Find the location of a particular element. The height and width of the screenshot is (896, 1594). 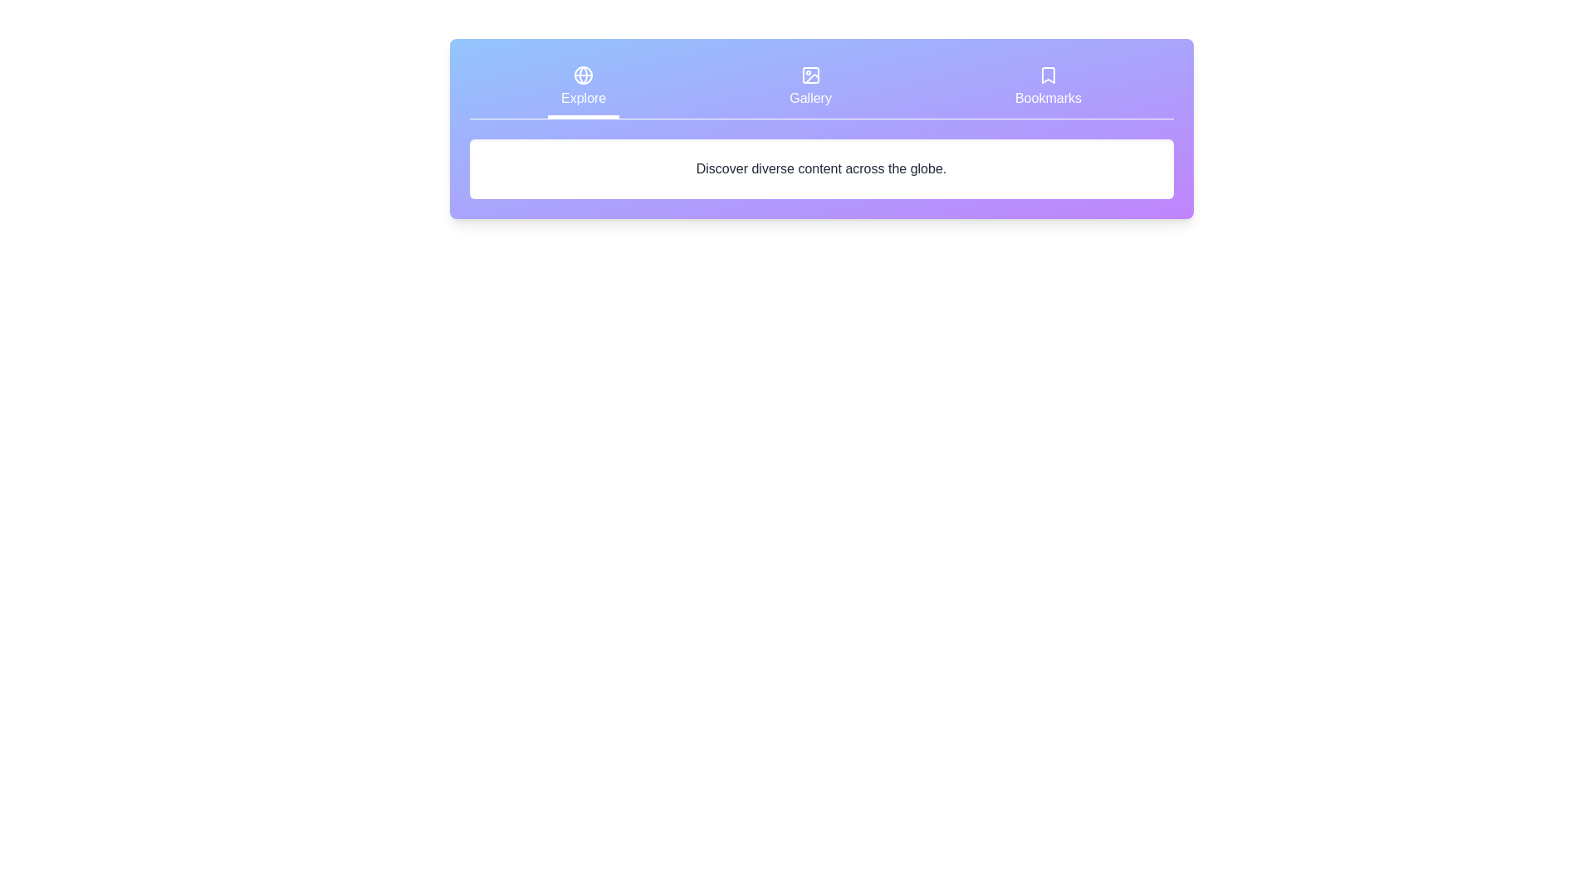

the Explore tab by clicking on it is located at coordinates (583, 89).